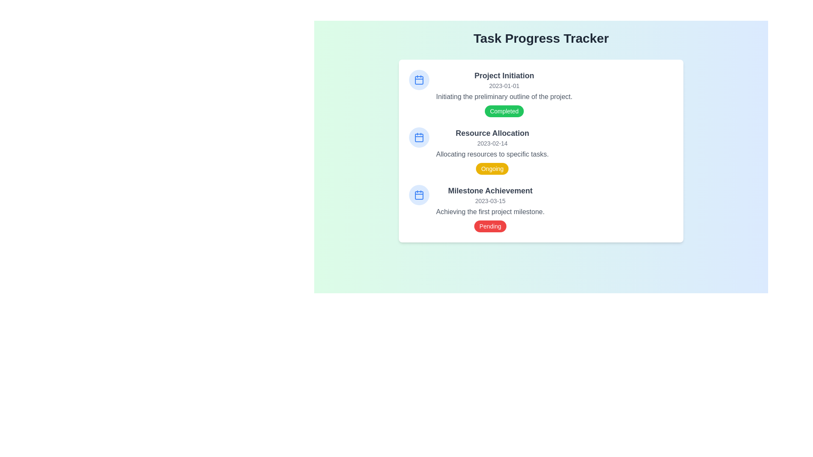 The height and width of the screenshot is (457, 813). I want to click on the date label element located directly below the 'Resource Allocation' title in the task list for accessibility readers, so click(492, 143).